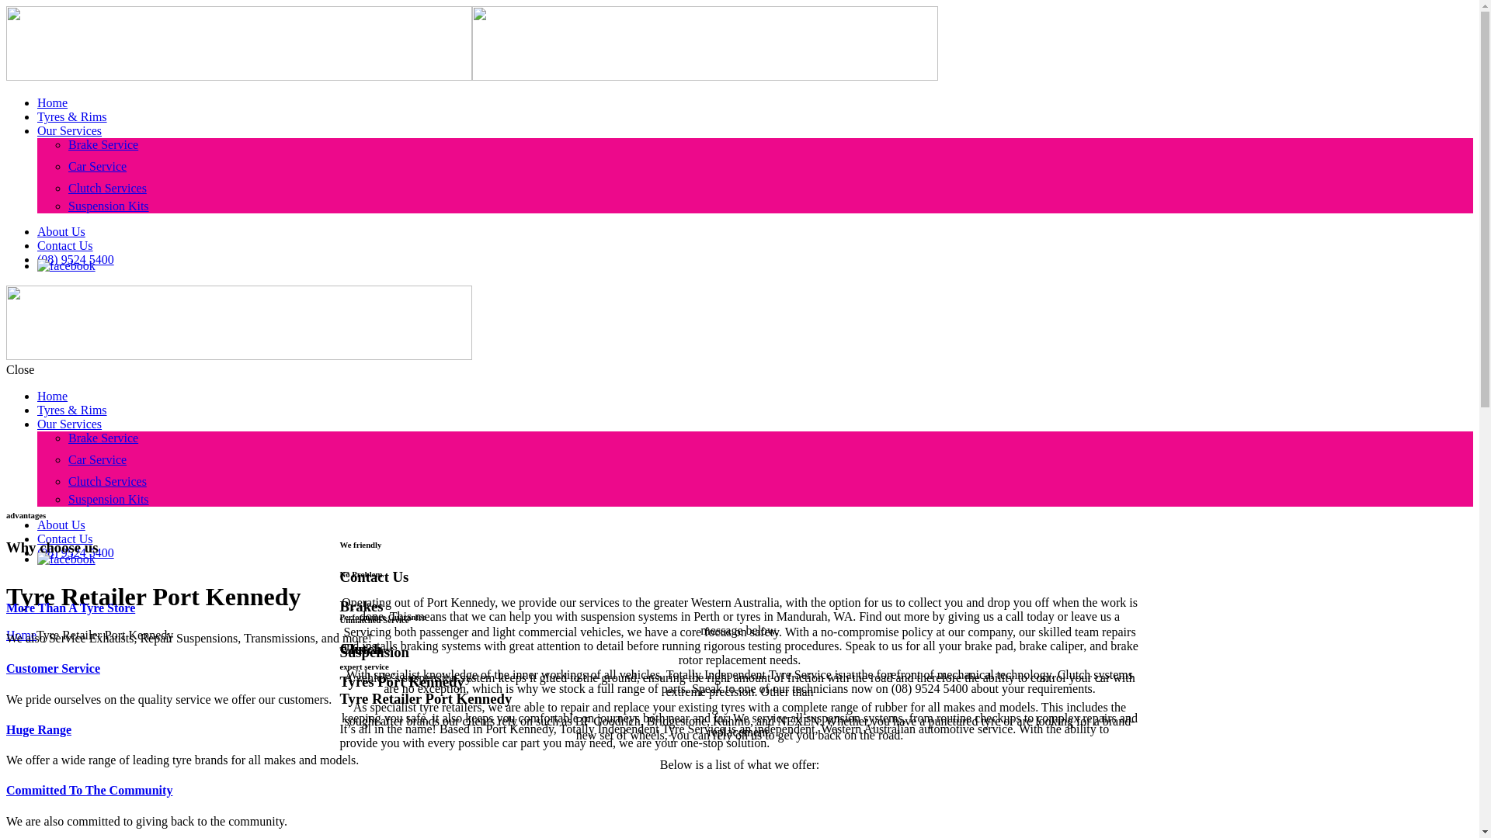 The image size is (1491, 838). I want to click on '(08) 9524 5400', so click(37, 552).